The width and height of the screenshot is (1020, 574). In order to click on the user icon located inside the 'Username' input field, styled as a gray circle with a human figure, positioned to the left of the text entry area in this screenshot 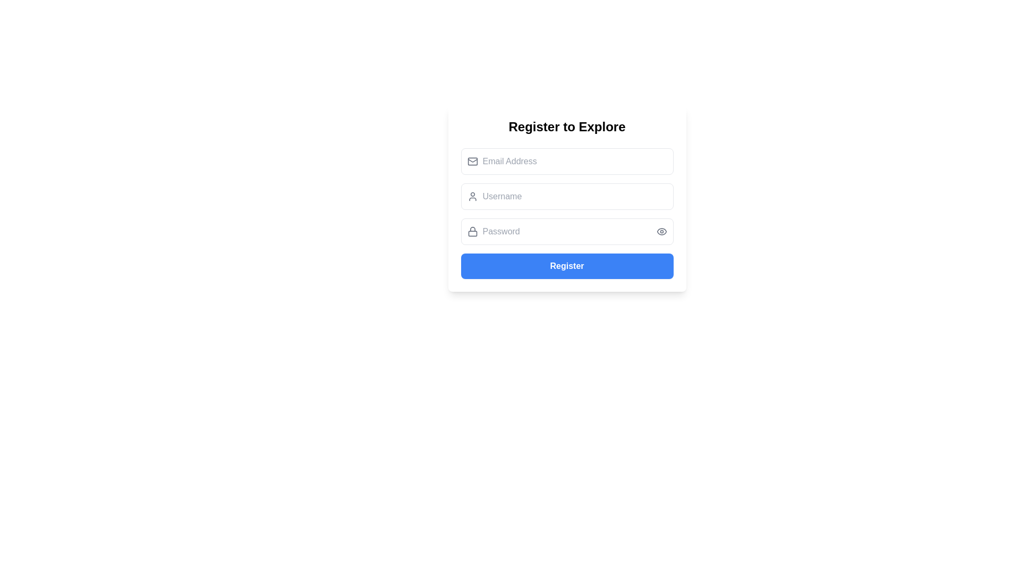, I will do `click(472, 197)`.